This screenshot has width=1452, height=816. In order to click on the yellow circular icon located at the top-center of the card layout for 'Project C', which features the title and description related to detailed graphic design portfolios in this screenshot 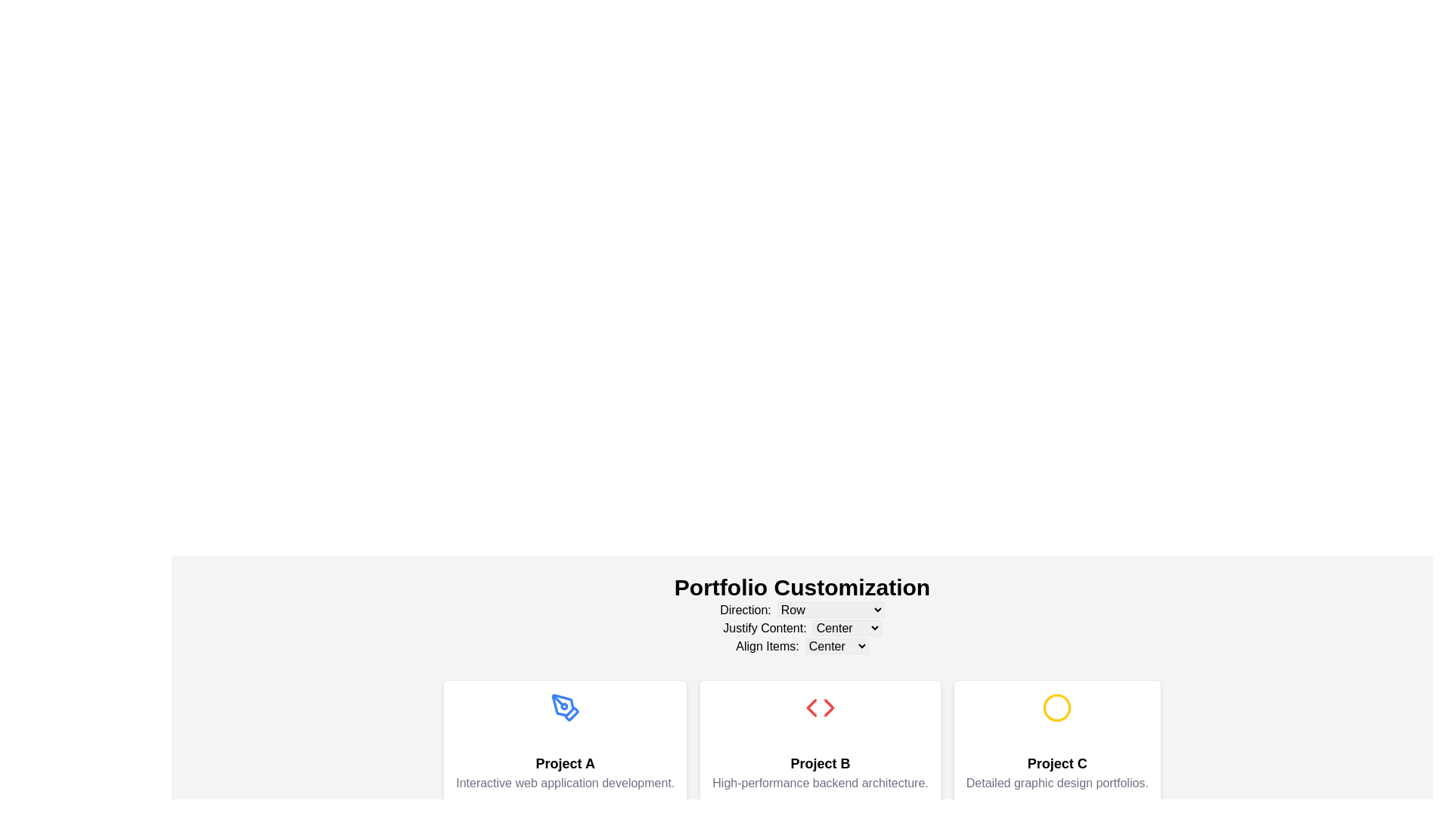, I will do `click(1056, 716)`.